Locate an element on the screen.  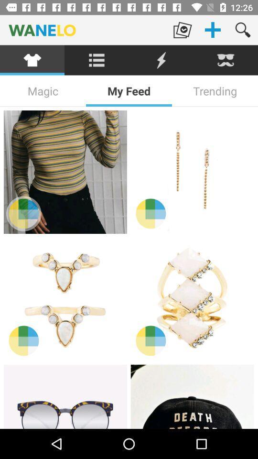
eyeglass is located at coordinates (64, 396).